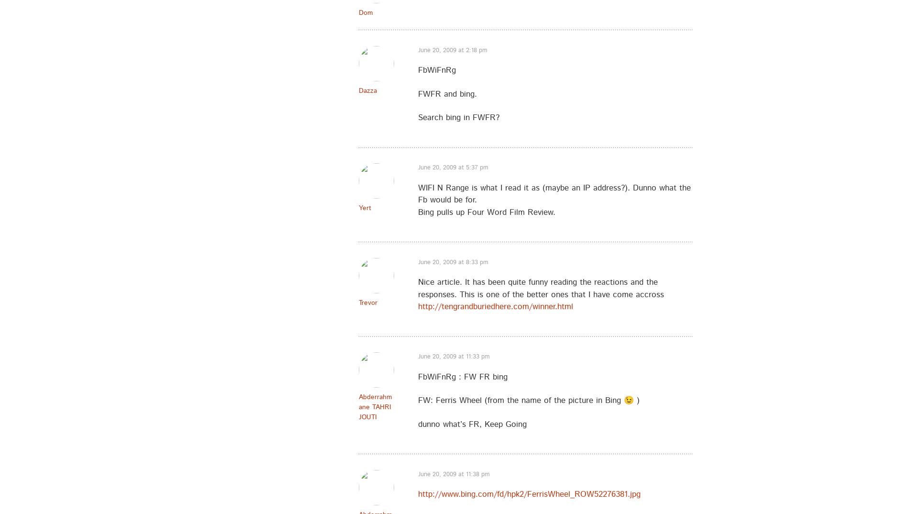  I want to click on 'FbWiFnRg', so click(436, 70).